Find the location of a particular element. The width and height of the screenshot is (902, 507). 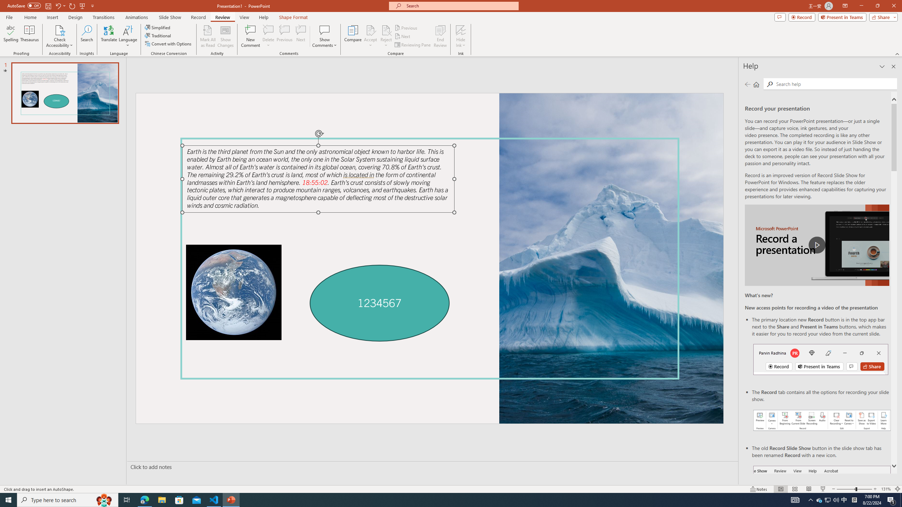

'Hide Ink' is located at coordinates (461, 30).